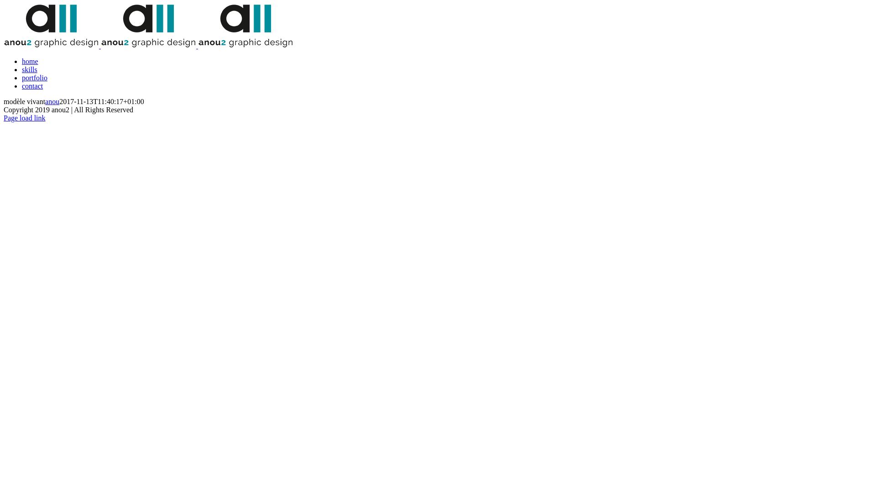  Describe the element at coordinates (24, 117) in the screenshot. I see `'Page load link'` at that location.